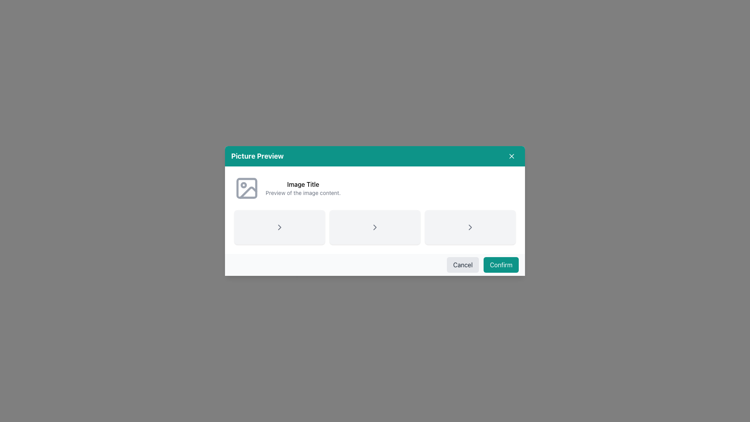  I want to click on the right-facing chevron icon, which is styled in gray and located in the center of a light gray rectangular area, so click(375, 227).